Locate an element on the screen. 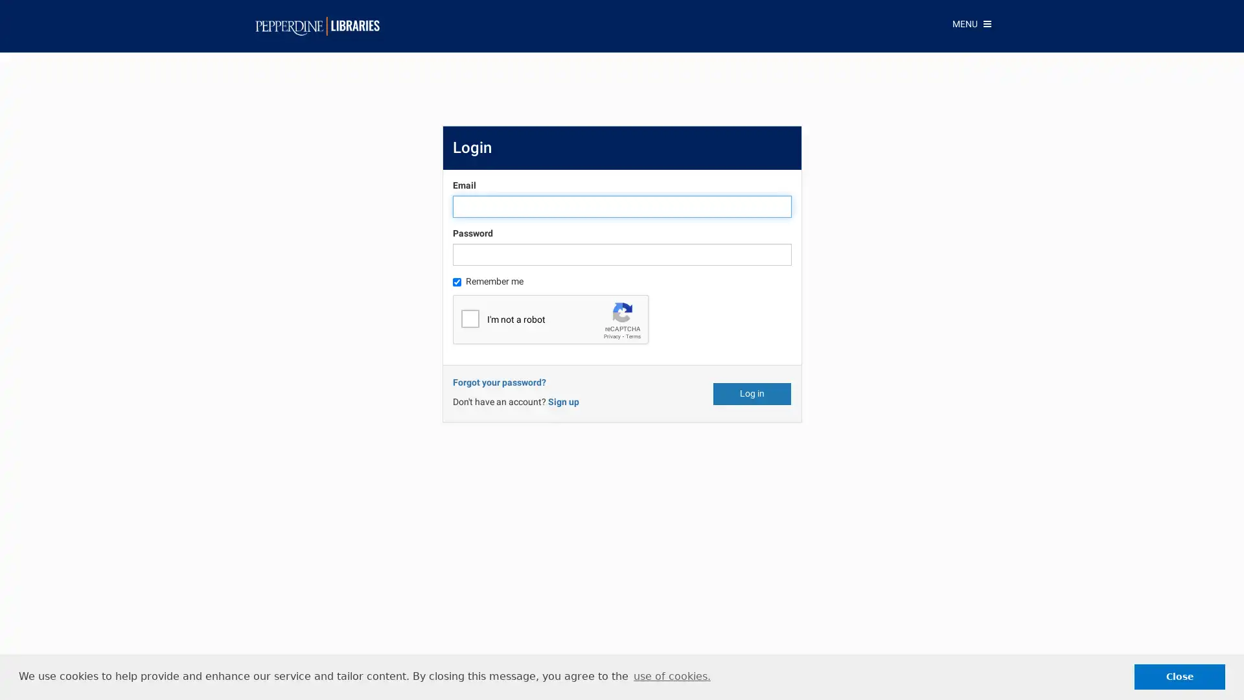 The image size is (1244, 700). Log in is located at coordinates (752, 392).